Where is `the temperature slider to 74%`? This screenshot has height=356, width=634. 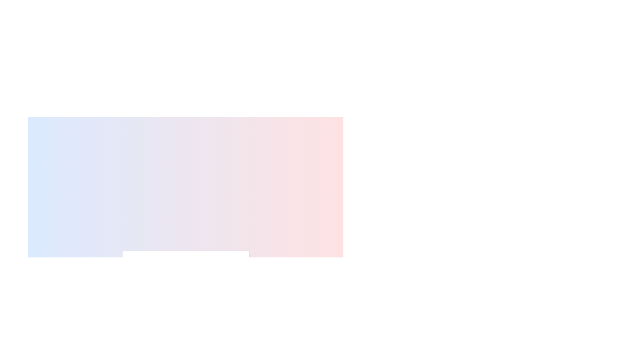
the temperature slider to 74% is located at coordinates (212, 283).